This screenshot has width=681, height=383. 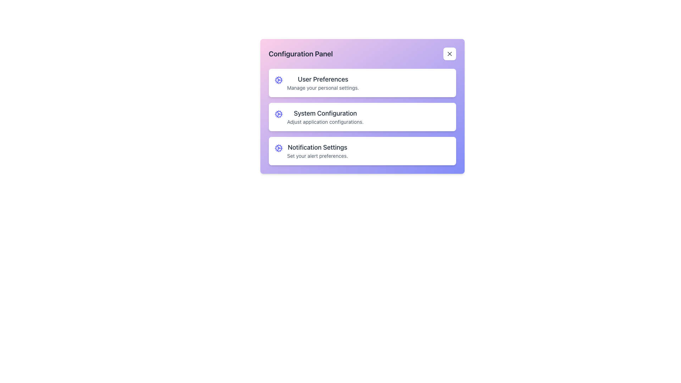 What do you see at coordinates (278, 148) in the screenshot?
I see `the cog icon representing the settings functionality within the 'Notification Settings' card, located in the bottom-most card of the 'Configuration Panel'` at bounding box center [278, 148].